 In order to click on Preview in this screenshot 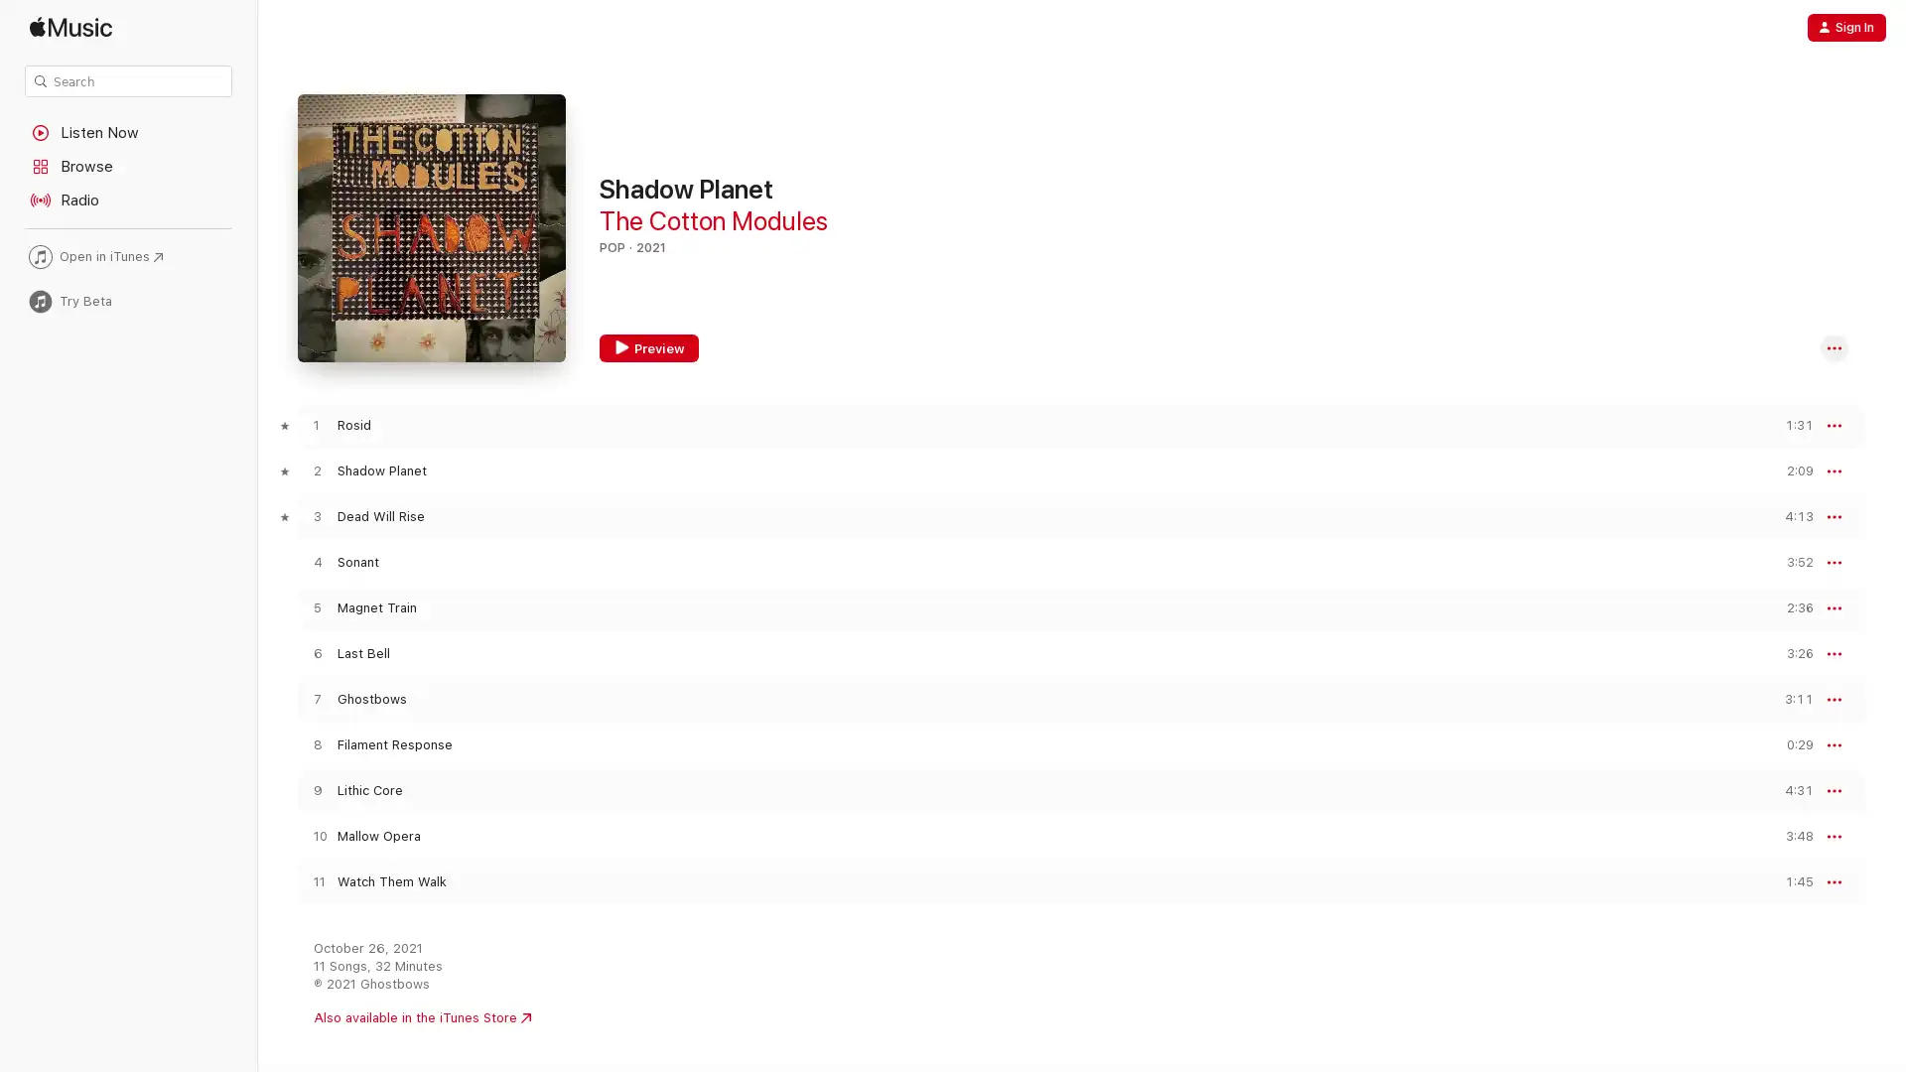, I will do `click(1791, 562)`.